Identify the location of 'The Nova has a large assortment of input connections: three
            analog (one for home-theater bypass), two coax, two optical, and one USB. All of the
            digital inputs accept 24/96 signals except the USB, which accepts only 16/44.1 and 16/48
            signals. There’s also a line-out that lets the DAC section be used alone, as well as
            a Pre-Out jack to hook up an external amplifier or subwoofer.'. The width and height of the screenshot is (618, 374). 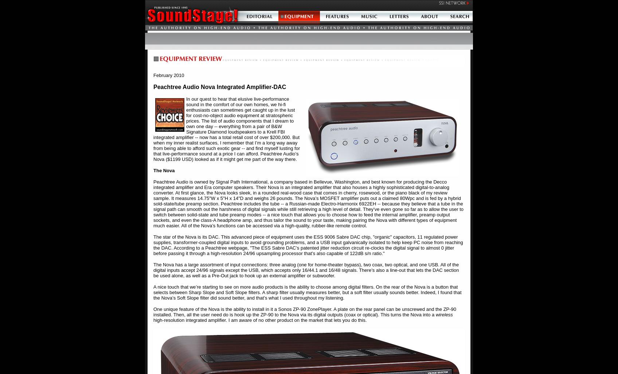
(306, 270).